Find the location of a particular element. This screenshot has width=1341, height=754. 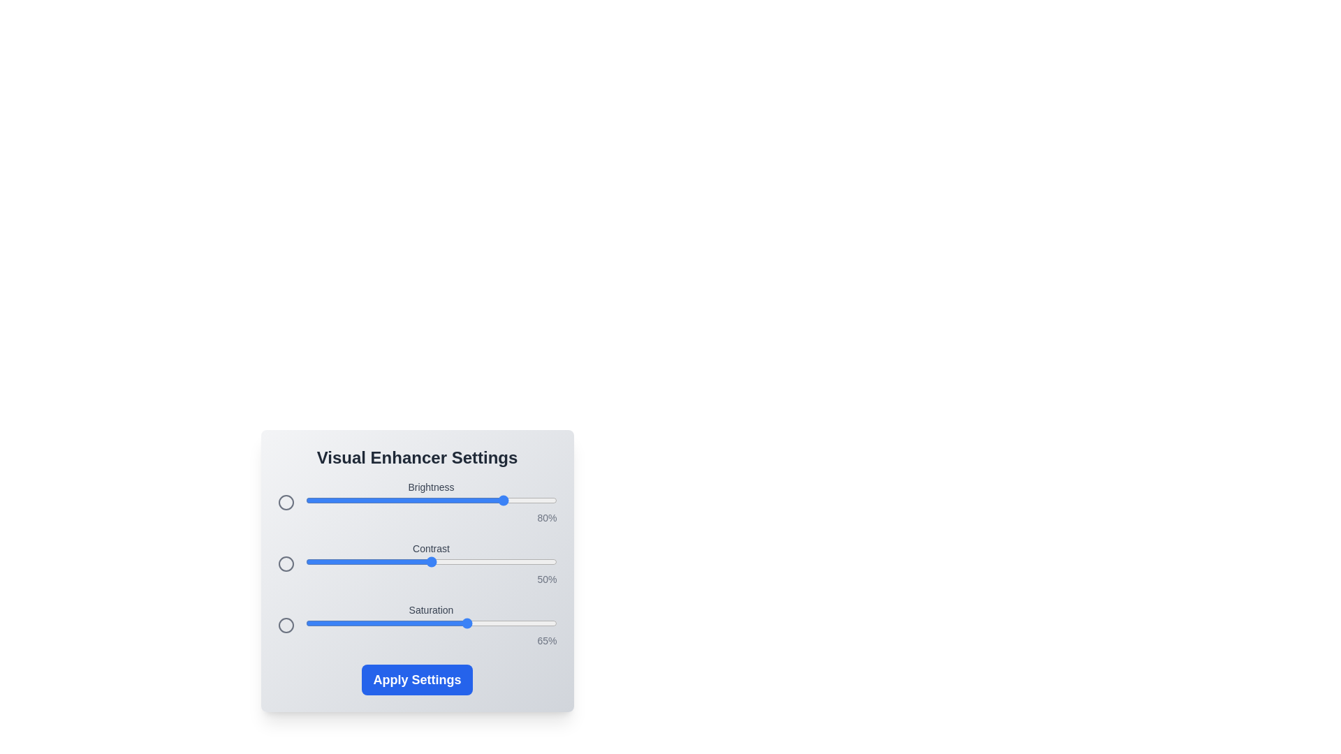

the icon next to the brightness slider to provide additional feedback is located at coordinates (285, 503).